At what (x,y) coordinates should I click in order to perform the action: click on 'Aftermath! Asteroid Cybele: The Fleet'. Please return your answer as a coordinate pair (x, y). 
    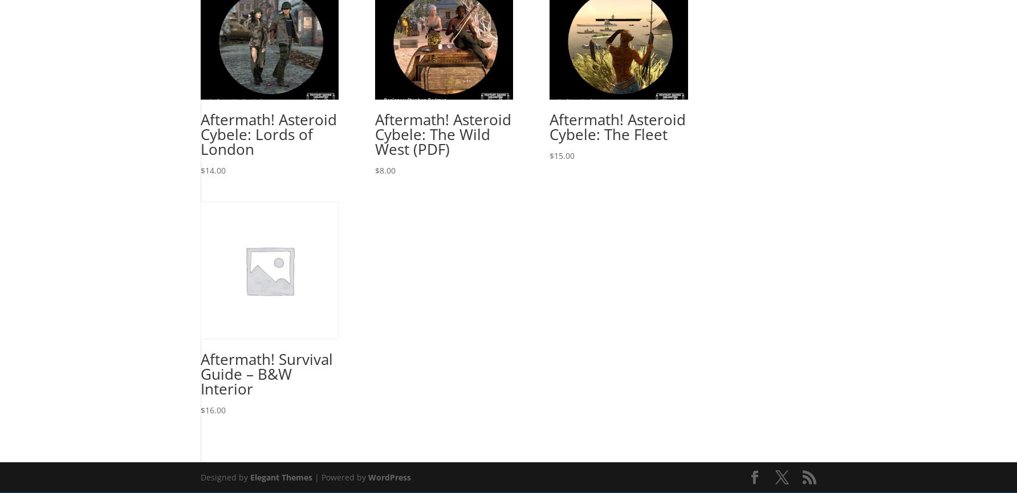
    Looking at the image, I should click on (617, 126).